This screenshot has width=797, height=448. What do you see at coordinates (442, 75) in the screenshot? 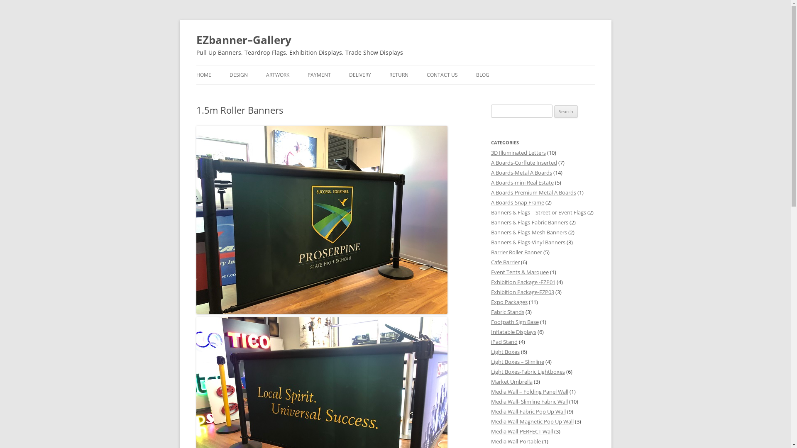
I see `'CONTACT US'` at bounding box center [442, 75].